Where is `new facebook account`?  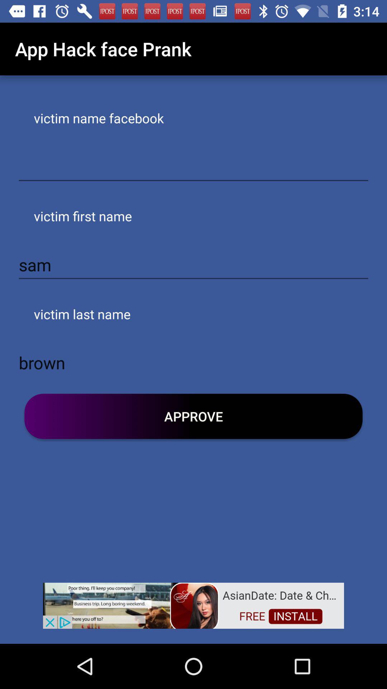 new facebook account is located at coordinates (193, 167).